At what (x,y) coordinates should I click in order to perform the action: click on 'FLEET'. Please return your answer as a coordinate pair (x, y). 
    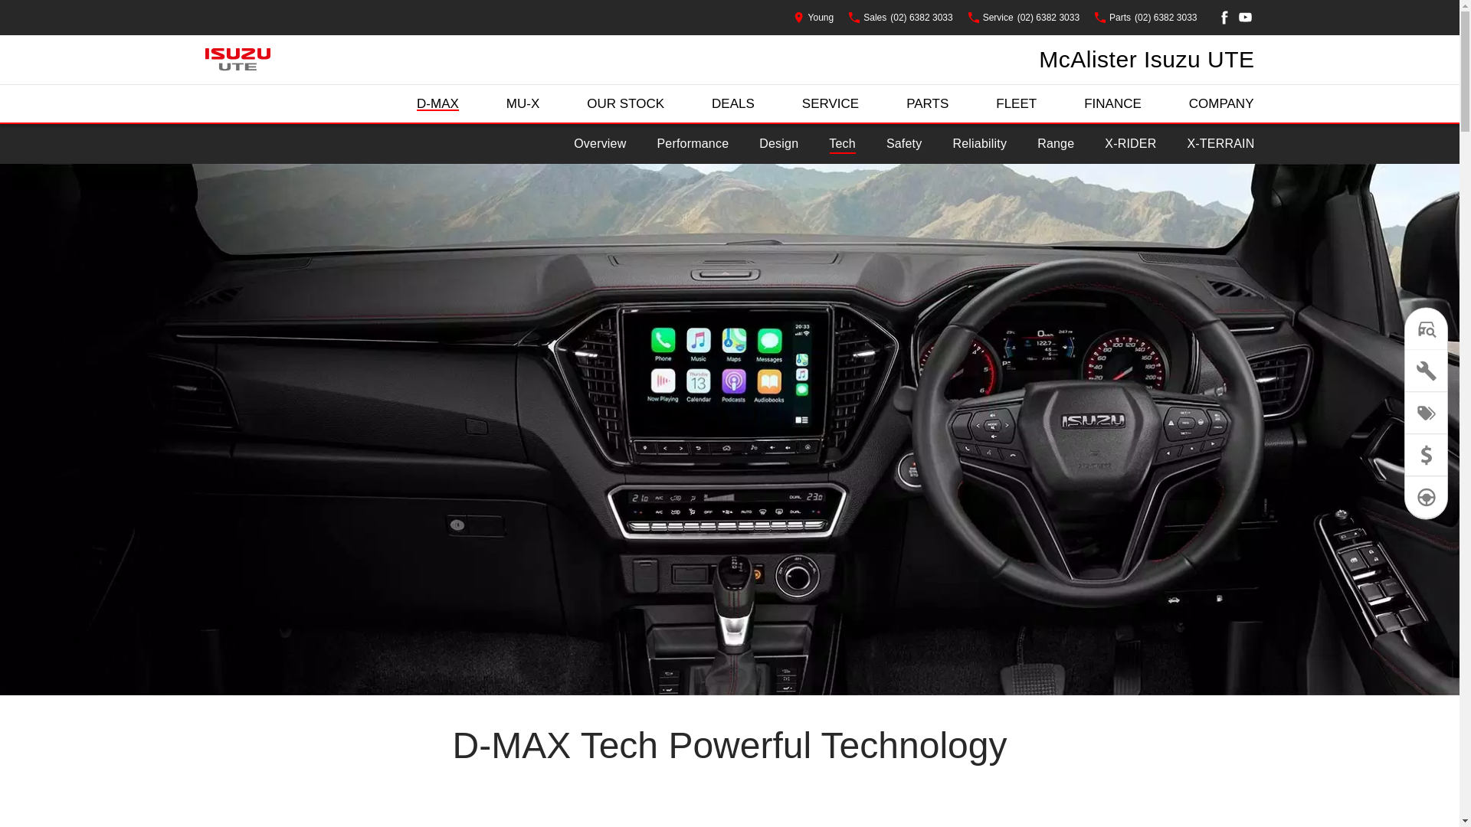
    Looking at the image, I should click on (1016, 103).